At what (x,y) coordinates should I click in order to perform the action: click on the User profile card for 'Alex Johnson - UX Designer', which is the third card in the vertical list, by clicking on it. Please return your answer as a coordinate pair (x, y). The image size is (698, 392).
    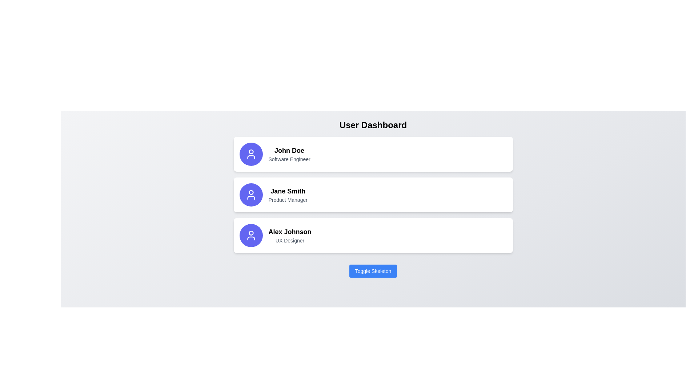
    Looking at the image, I should click on (373, 235).